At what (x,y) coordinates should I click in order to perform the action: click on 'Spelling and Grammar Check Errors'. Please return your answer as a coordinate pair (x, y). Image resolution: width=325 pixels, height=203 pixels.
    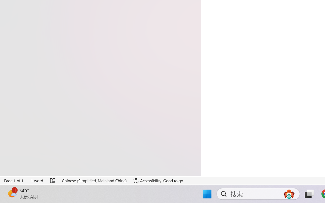
    Looking at the image, I should click on (53, 180).